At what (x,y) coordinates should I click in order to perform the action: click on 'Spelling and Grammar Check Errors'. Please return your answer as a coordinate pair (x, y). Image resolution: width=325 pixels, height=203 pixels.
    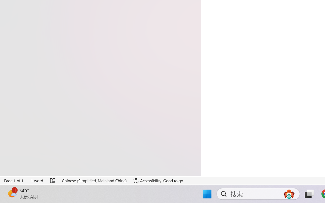
    Looking at the image, I should click on (53, 180).